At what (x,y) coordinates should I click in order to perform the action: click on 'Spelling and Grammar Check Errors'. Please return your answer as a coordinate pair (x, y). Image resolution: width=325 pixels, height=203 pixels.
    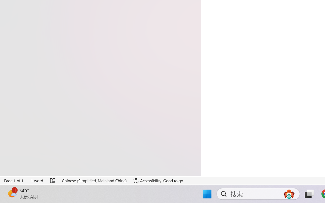
    Looking at the image, I should click on (53, 180).